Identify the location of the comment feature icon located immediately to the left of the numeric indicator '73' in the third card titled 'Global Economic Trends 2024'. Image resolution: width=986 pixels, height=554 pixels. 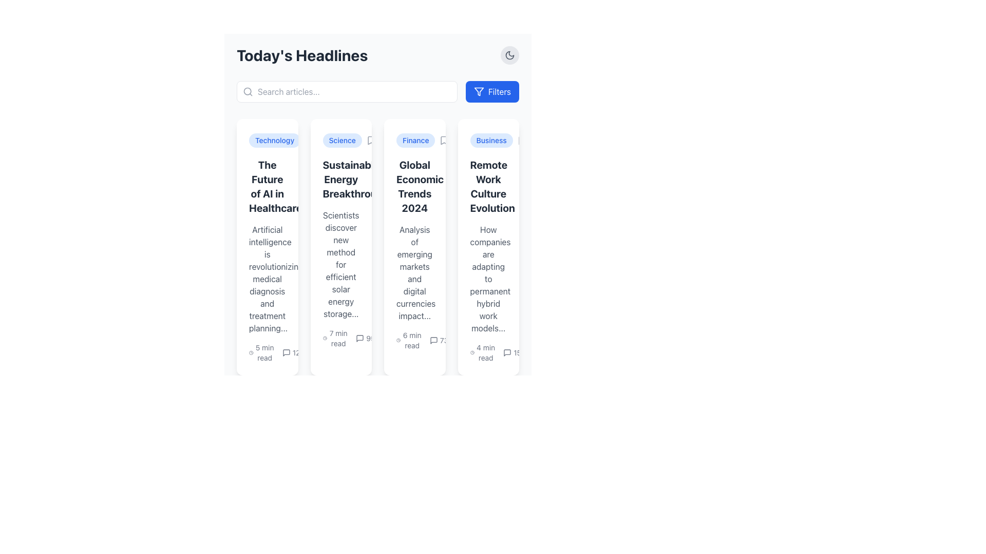
(433, 340).